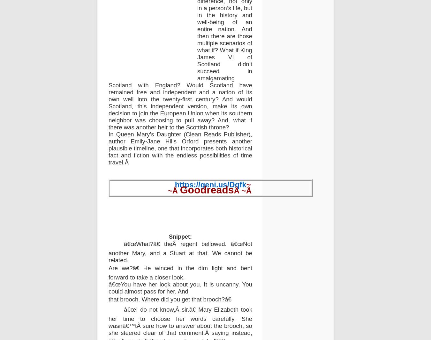  What do you see at coordinates (180, 272) in the screenshot?
I see `'Are we?â€ He winced in the dim light and bent forward to take a closer look.'` at bounding box center [180, 272].